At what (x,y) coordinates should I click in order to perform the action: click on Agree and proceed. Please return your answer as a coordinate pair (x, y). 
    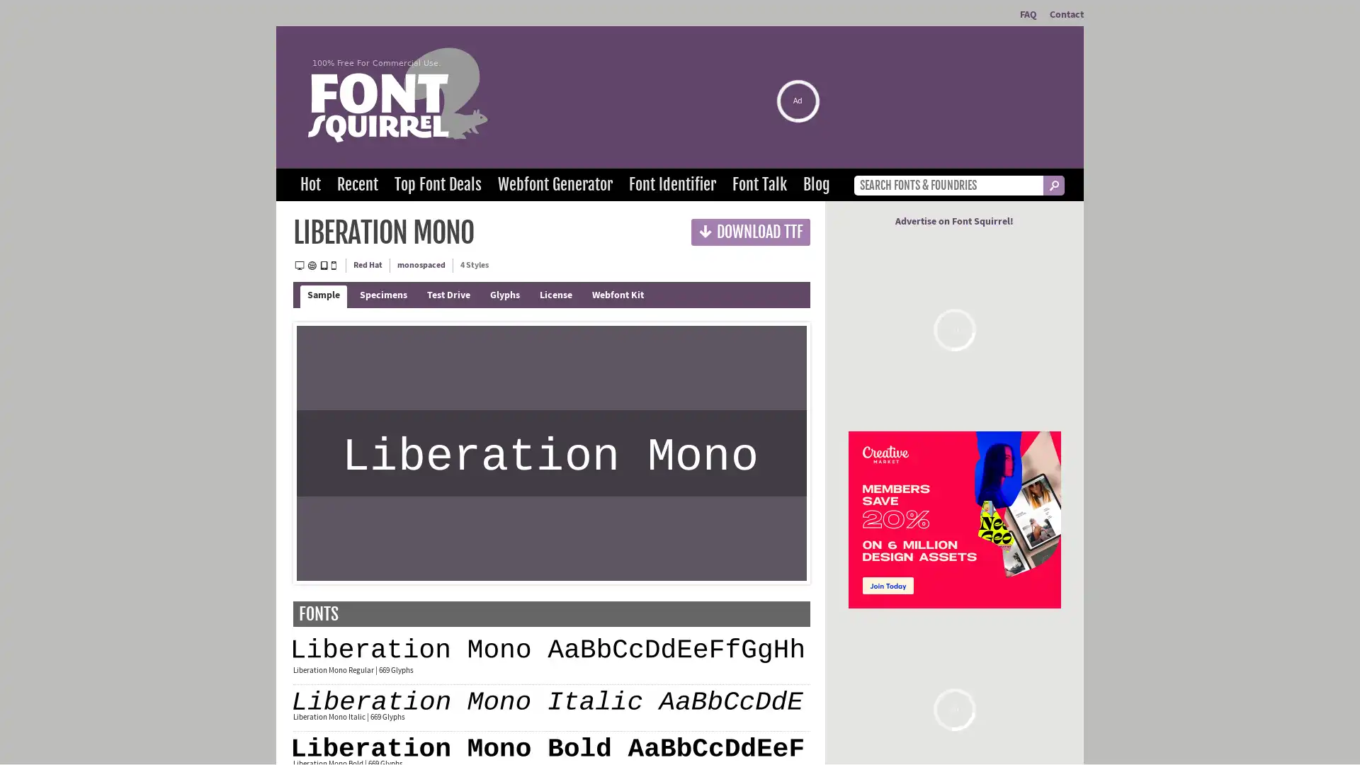
    Looking at the image, I should click on (255, 739).